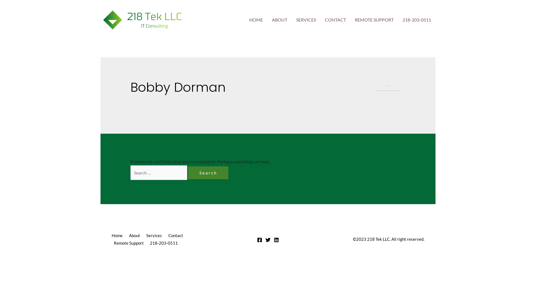 This screenshot has width=536, height=302. What do you see at coordinates (374, 19) in the screenshot?
I see `'REMOTE SUPPORT'` at bounding box center [374, 19].